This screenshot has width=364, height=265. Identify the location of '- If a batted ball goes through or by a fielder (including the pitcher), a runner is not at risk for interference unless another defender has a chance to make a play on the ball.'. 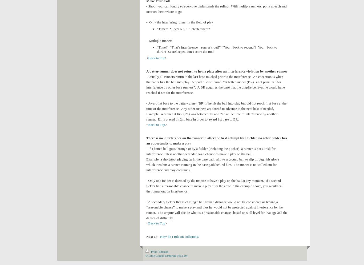
(146, 151).